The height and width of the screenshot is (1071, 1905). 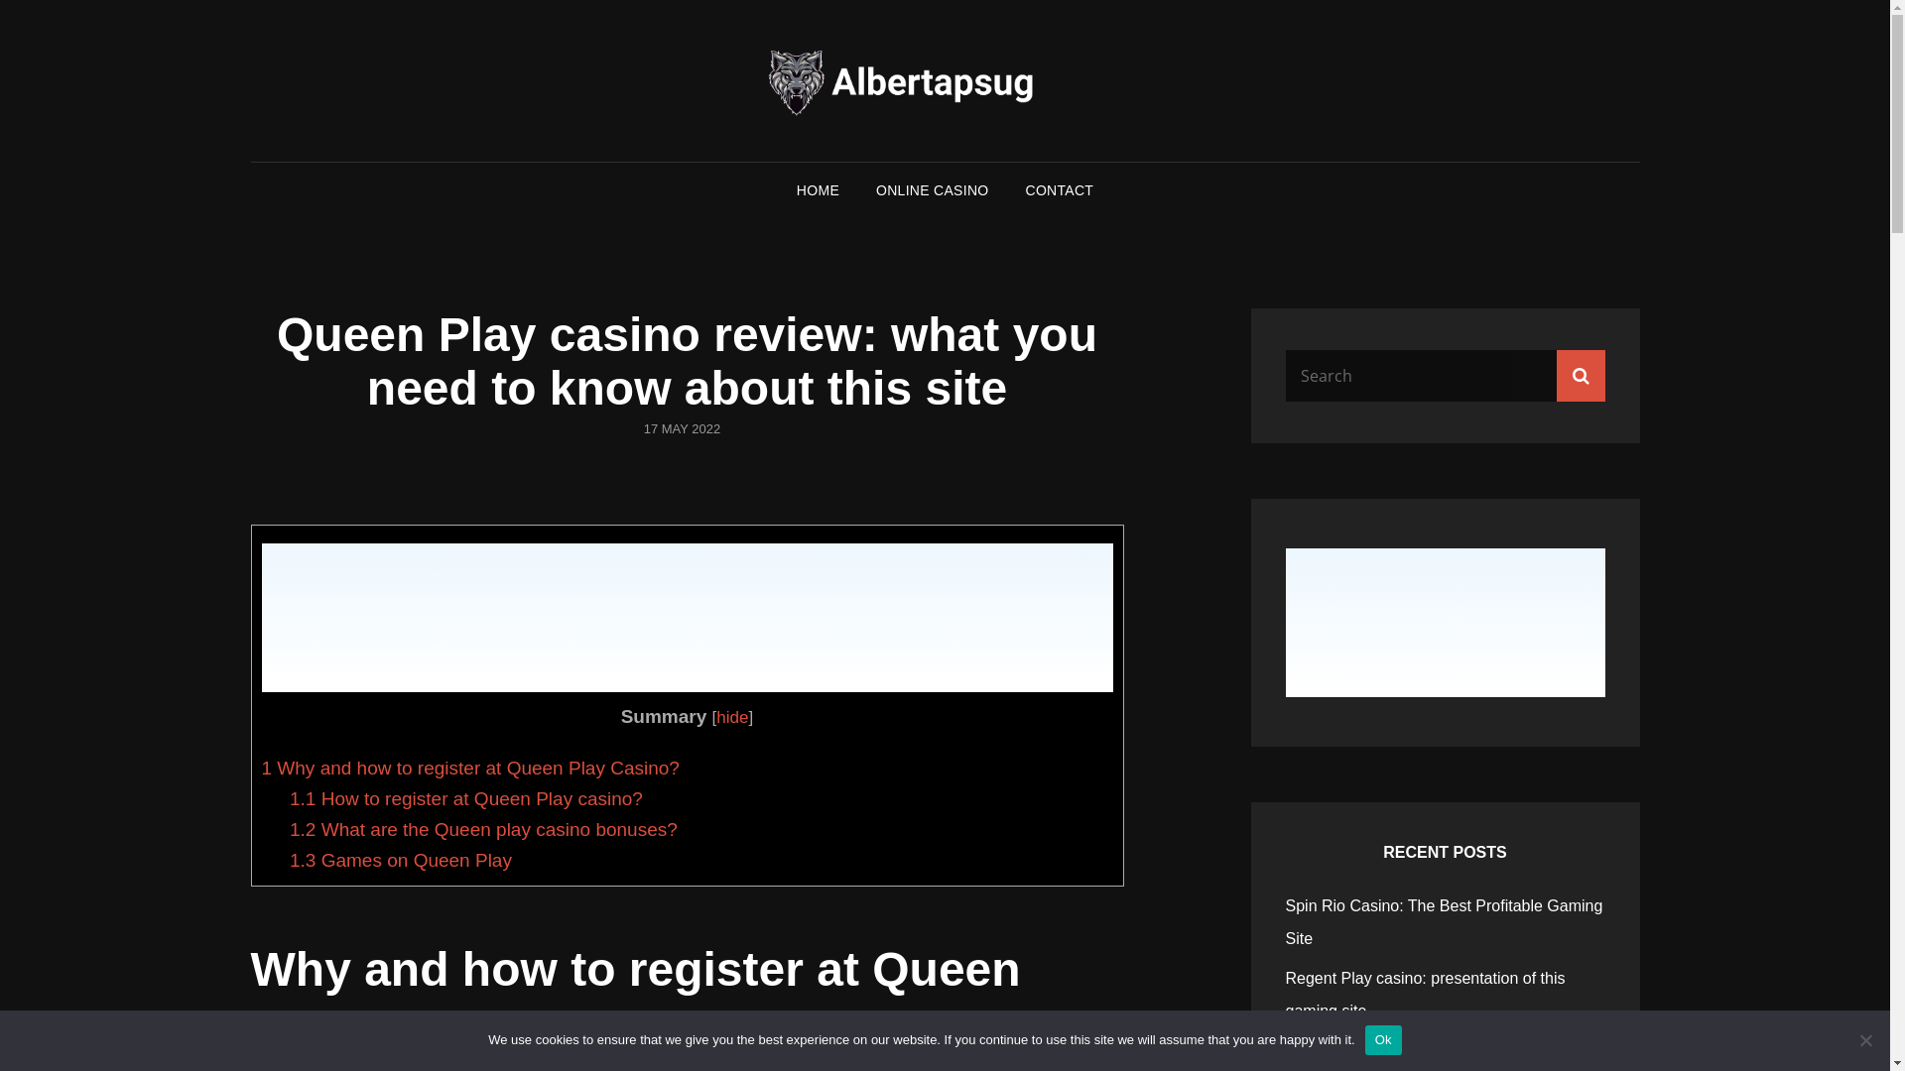 I want to click on '17 MAY 2022', so click(x=682, y=427).